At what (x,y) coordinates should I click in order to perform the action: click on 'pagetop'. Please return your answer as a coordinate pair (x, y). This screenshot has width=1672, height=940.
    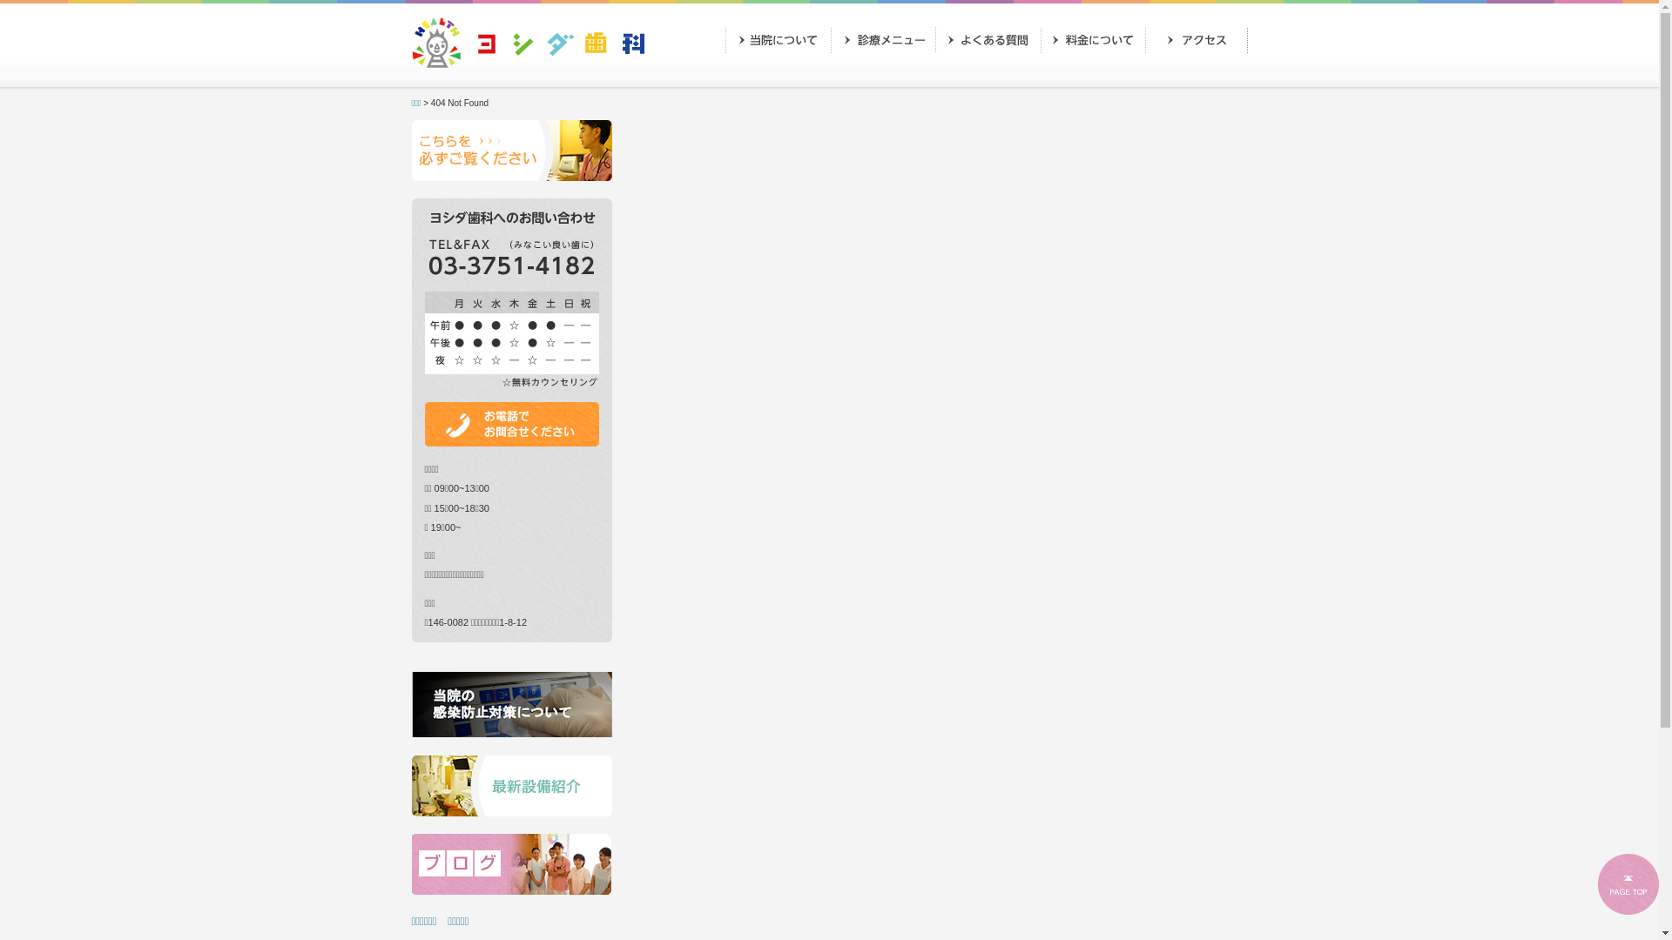
    Looking at the image, I should click on (1628, 883).